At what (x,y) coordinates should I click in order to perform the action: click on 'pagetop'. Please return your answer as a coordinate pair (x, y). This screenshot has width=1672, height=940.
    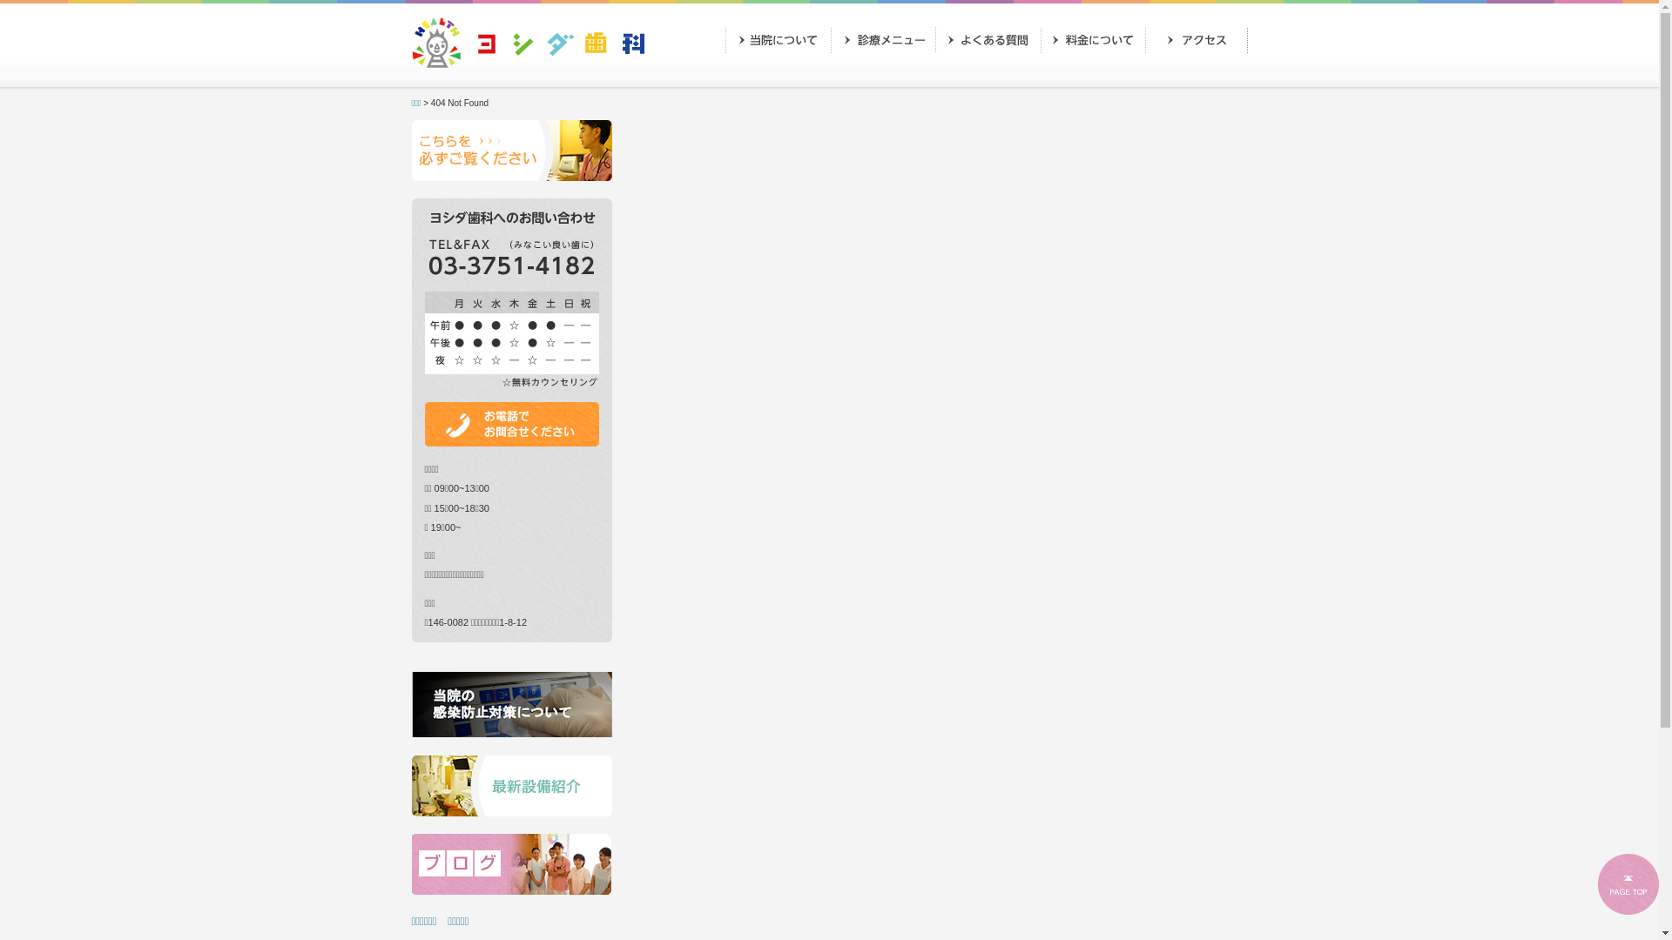
    Looking at the image, I should click on (1628, 883).